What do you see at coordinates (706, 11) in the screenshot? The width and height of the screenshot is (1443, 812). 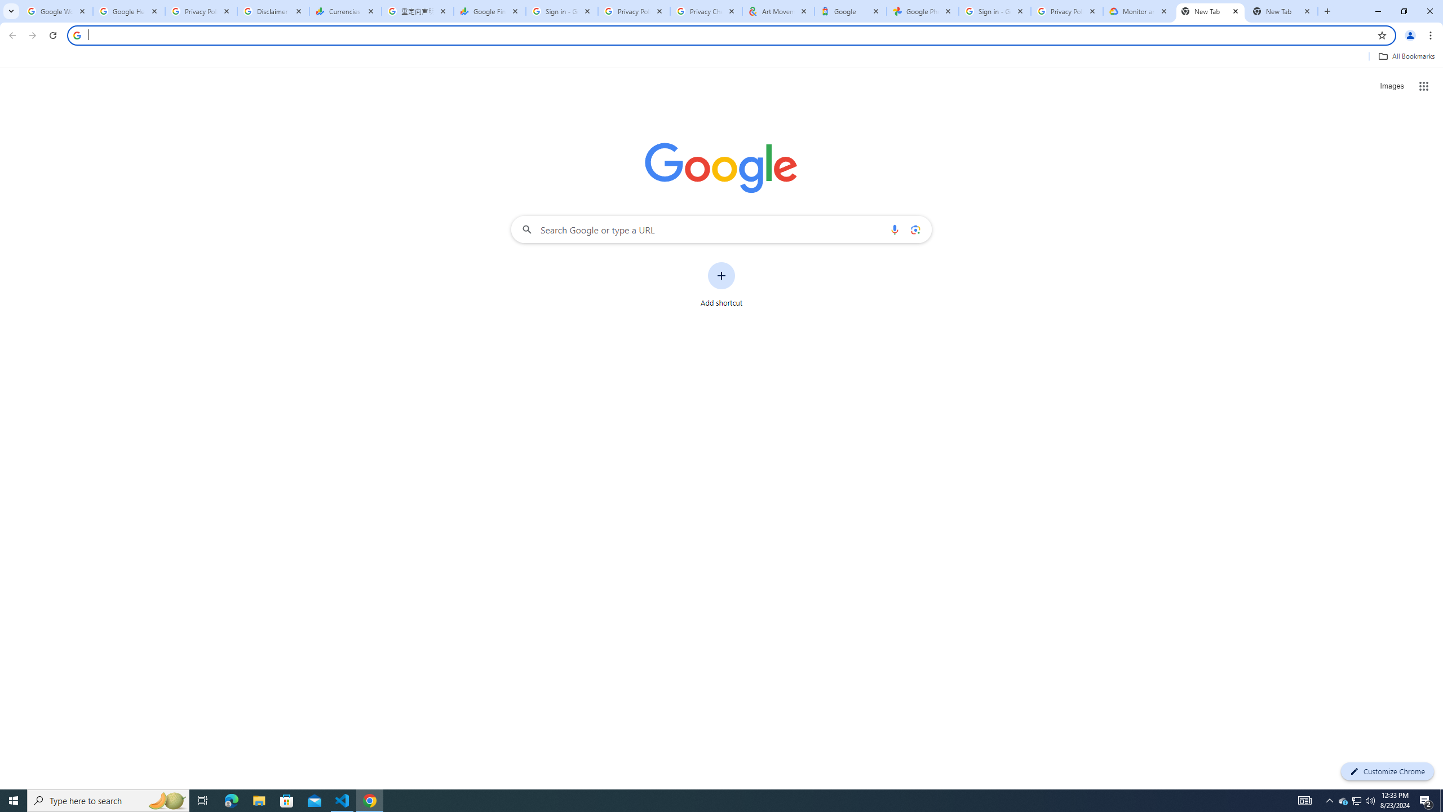 I see `'Privacy Checkup'` at bounding box center [706, 11].